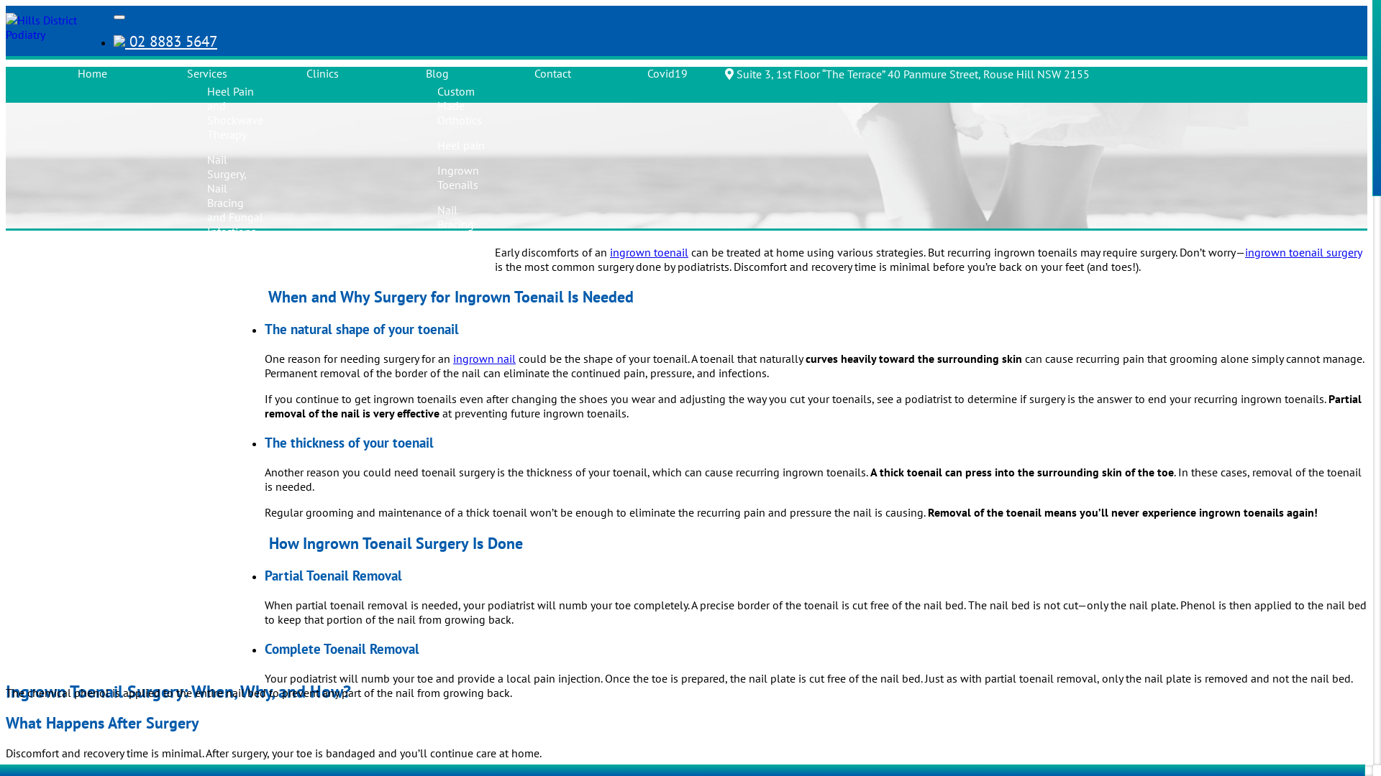  What do you see at coordinates (230, 529) in the screenshot?
I see `'Podiatrist Home Visits'` at bounding box center [230, 529].